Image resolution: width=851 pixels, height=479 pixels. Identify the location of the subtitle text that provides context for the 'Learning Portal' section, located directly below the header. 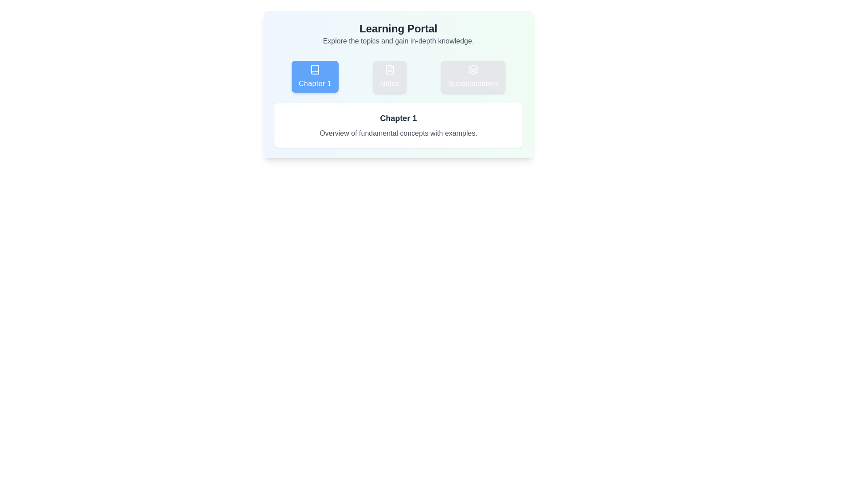
(398, 41).